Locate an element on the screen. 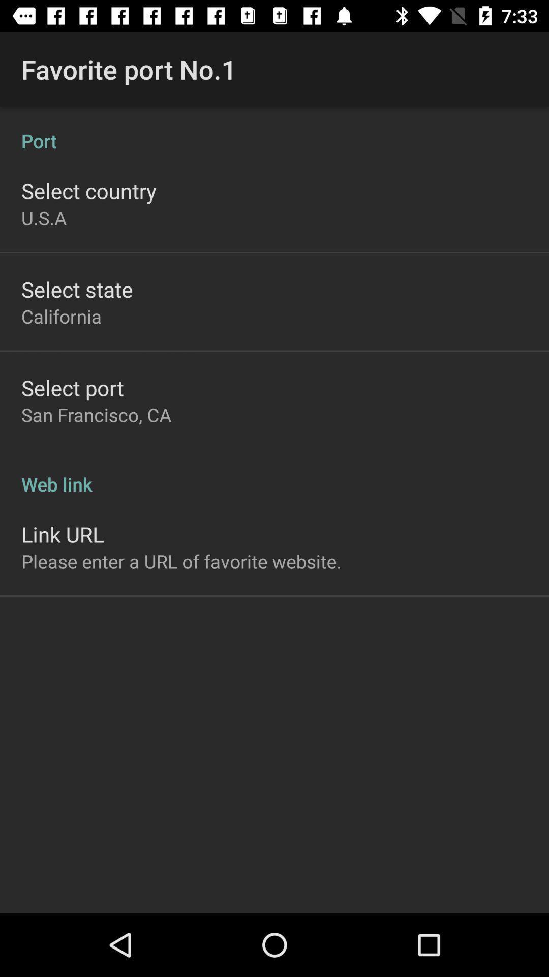 The image size is (549, 977). u.s.a app is located at coordinates (43, 217).